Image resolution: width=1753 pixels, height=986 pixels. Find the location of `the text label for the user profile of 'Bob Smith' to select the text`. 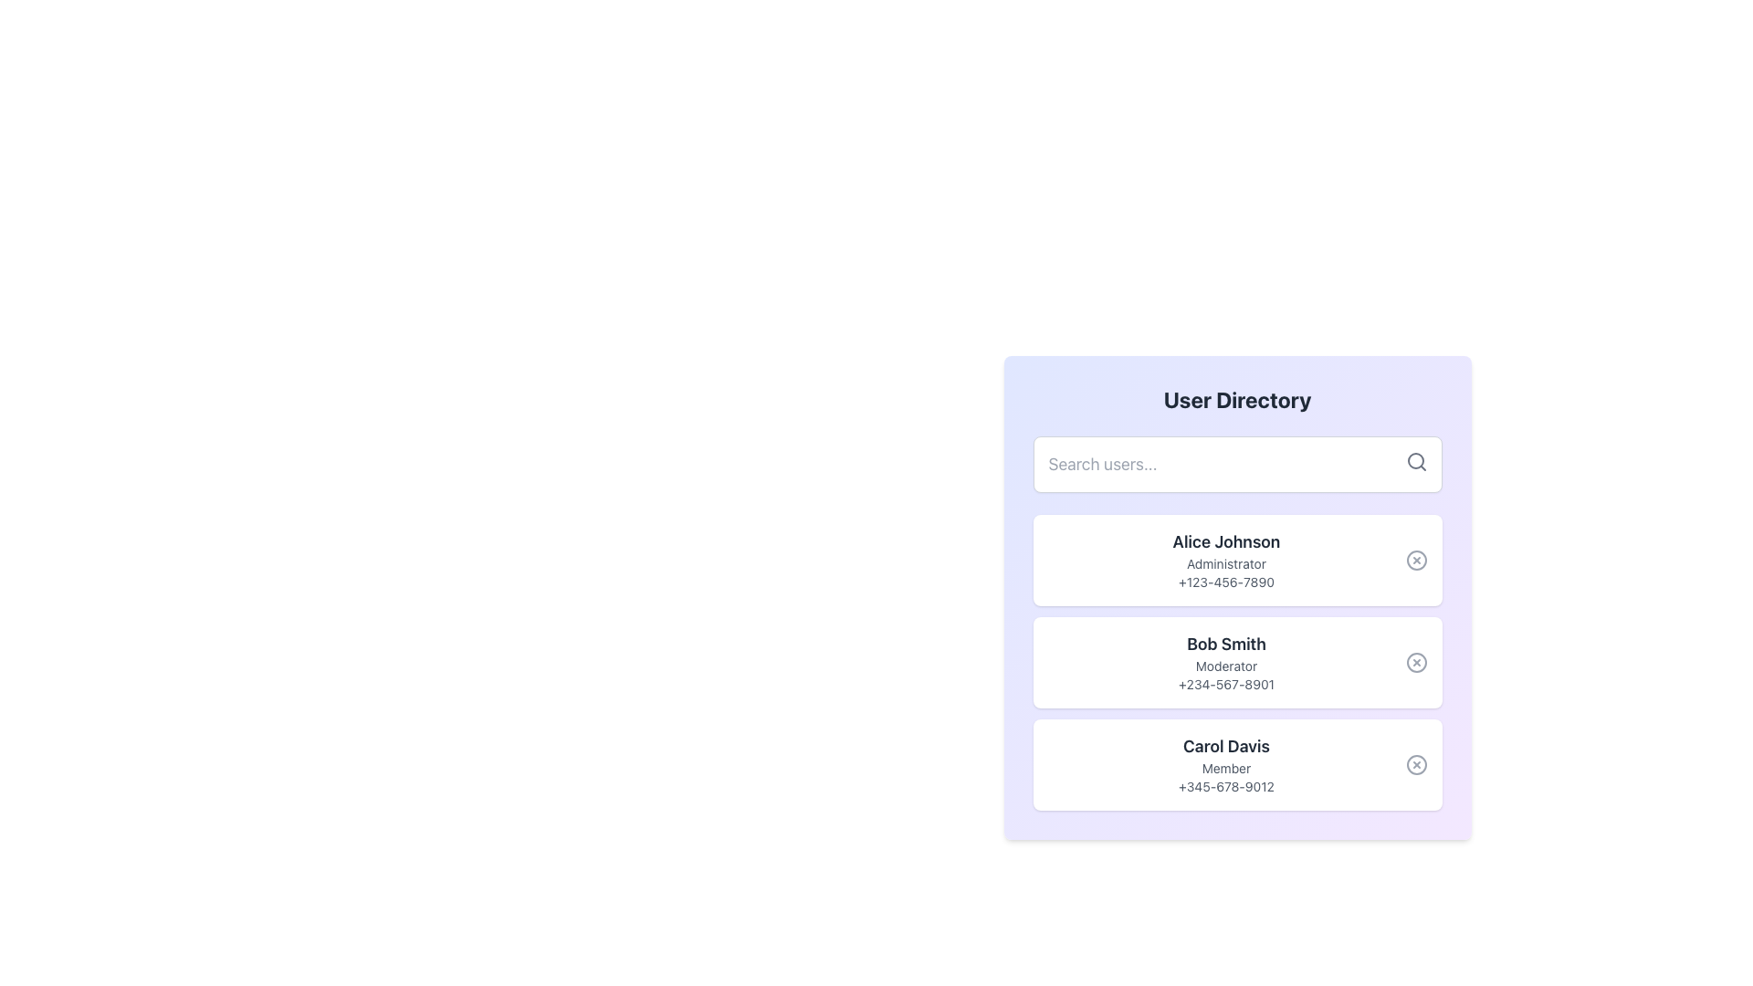

the text label for the user profile of 'Bob Smith' to select the text is located at coordinates (1226, 643).